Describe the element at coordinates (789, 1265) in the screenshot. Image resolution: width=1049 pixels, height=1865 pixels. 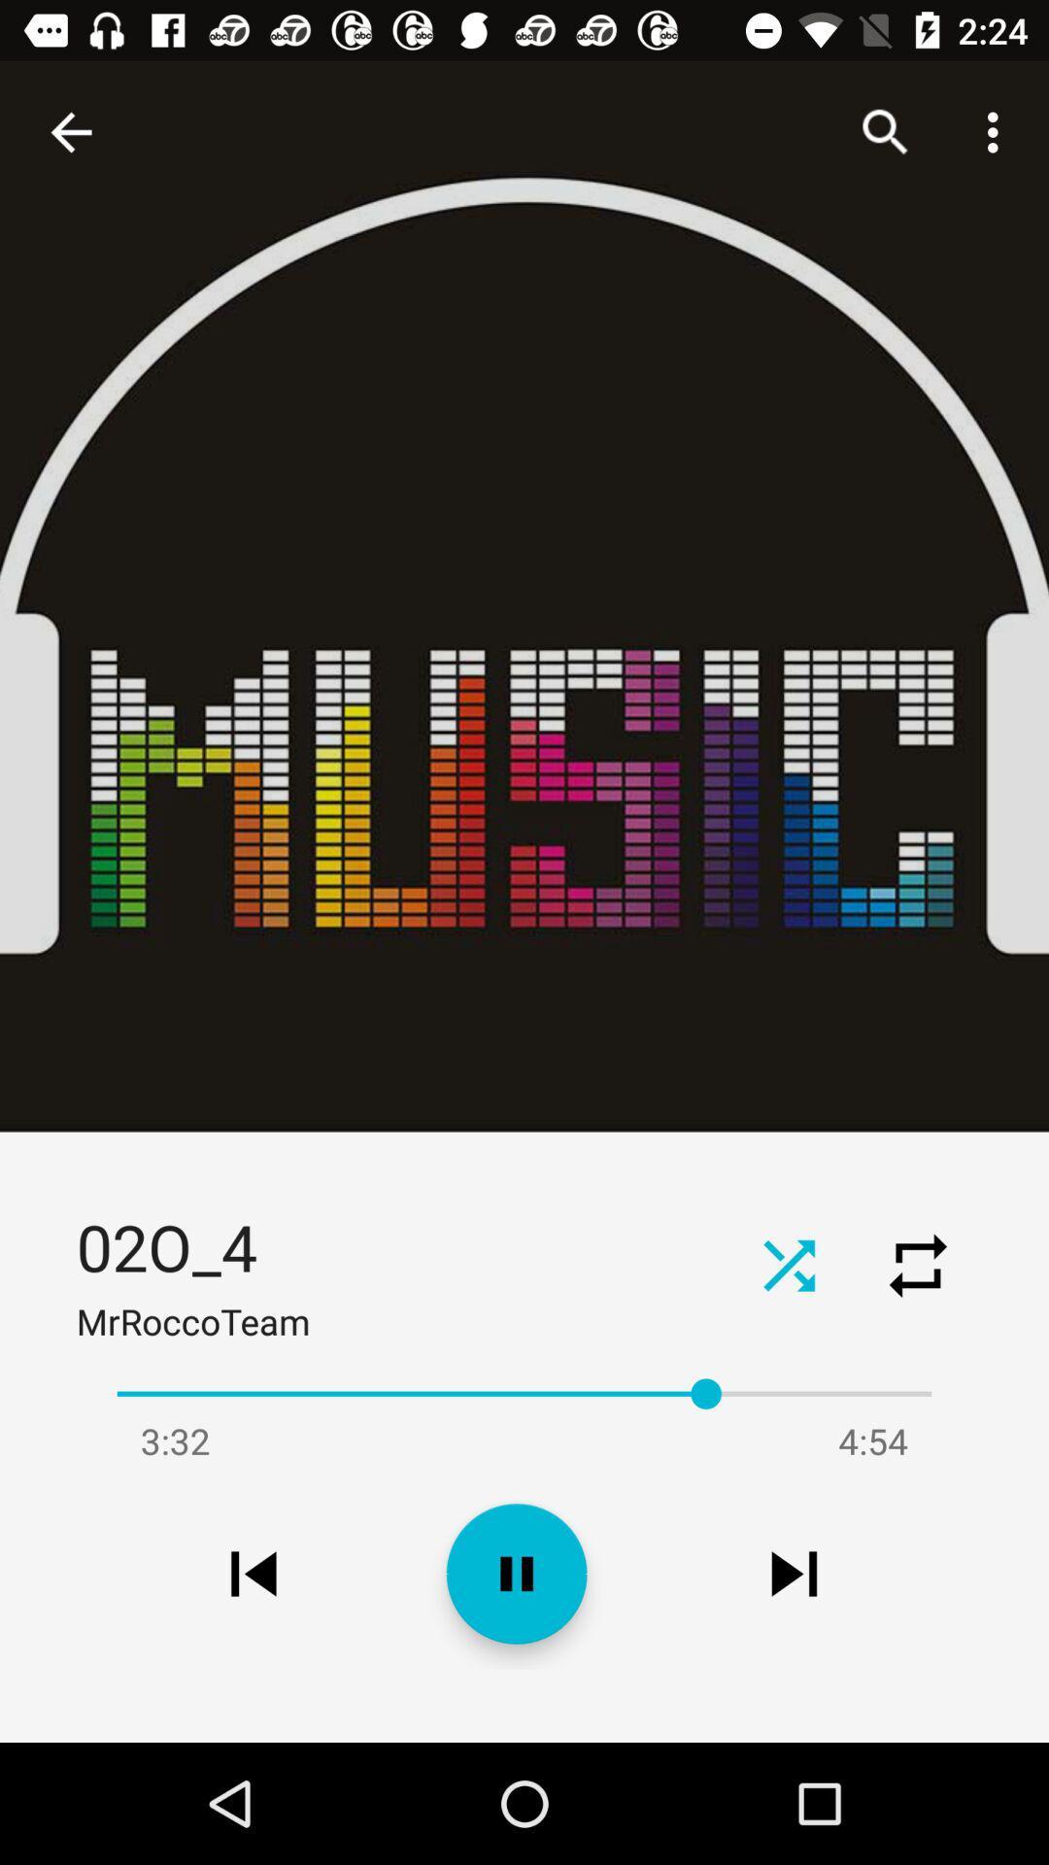
I see `the icon next to mrroccoteam item` at that location.